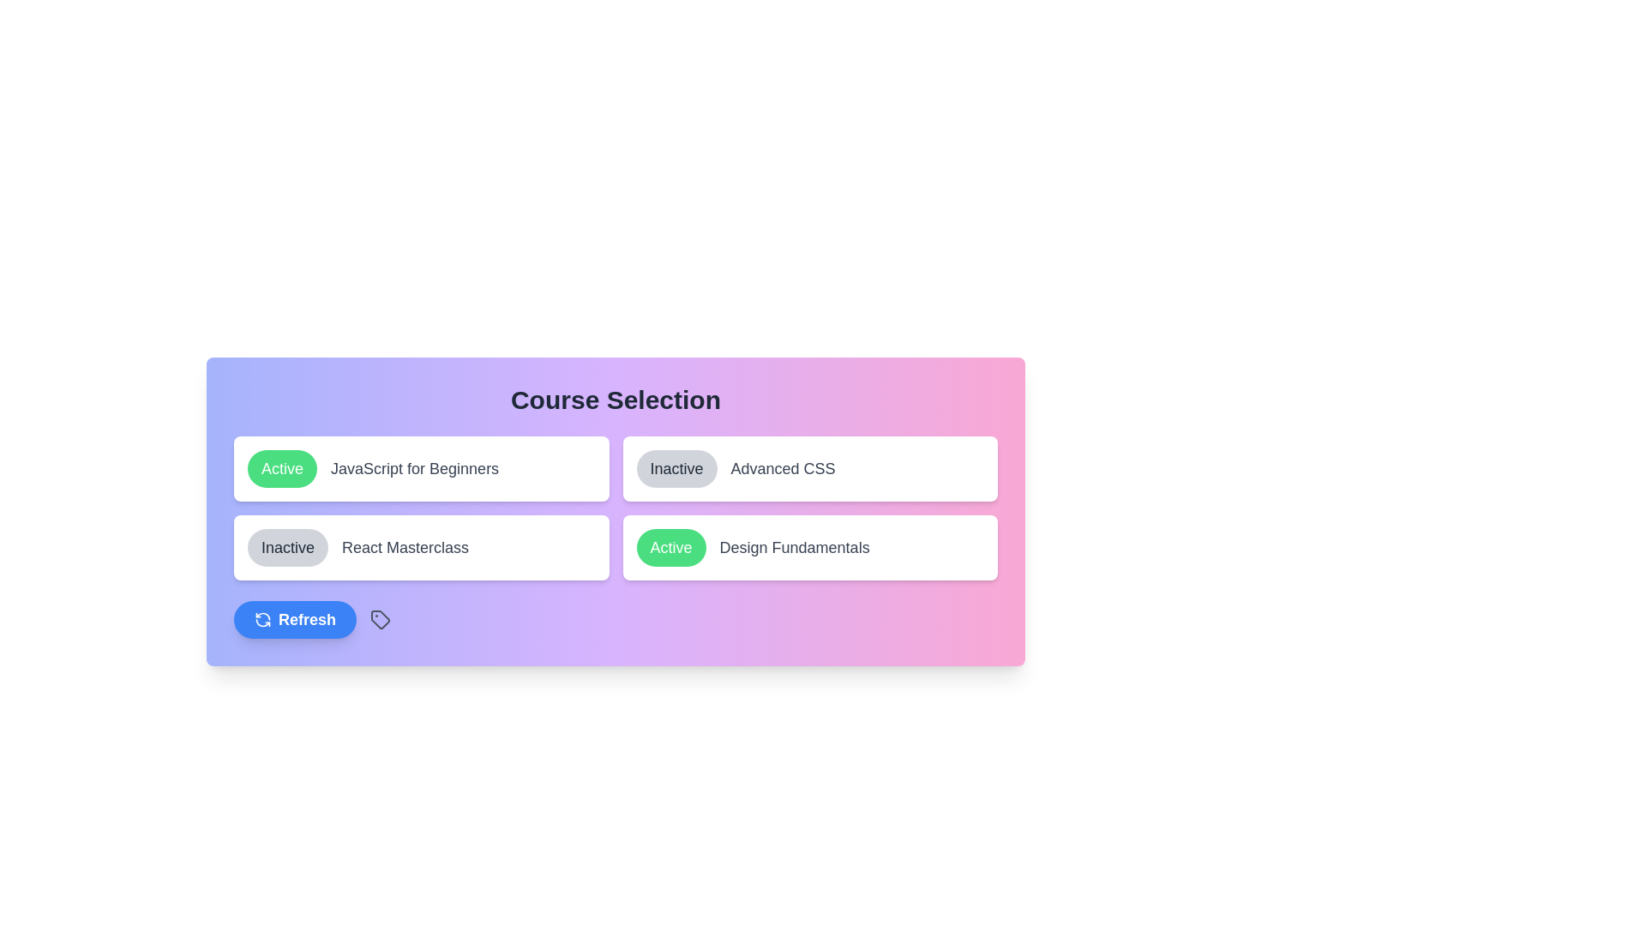  Describe the element at coordinates (809, 548) in the screenshot. I see `the 'Design Fundamentals' clickable course card, which is` at that location.